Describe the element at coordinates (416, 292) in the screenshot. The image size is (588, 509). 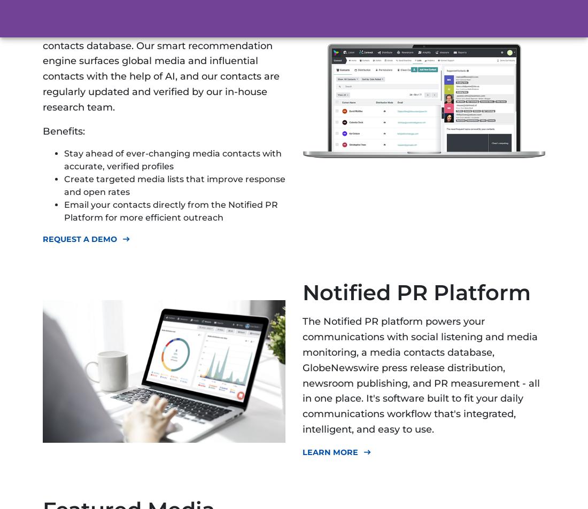
I see `'Notified PR Platform'` at that location.